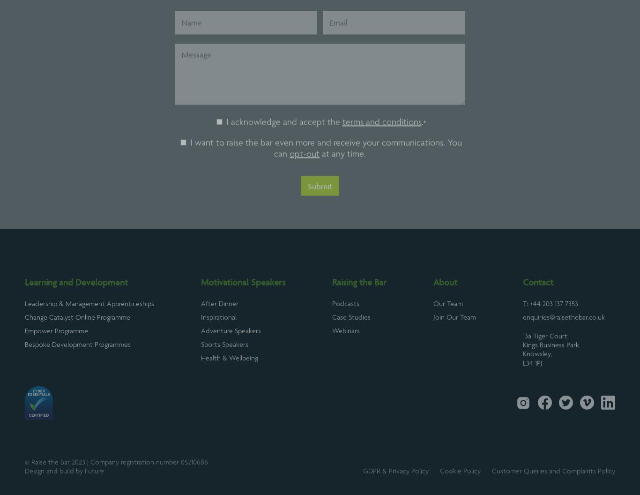  What do you see at coordinates (454, 340) in the screenshot?
I see `'Join Our Team'` at bounding box center [454, 340].